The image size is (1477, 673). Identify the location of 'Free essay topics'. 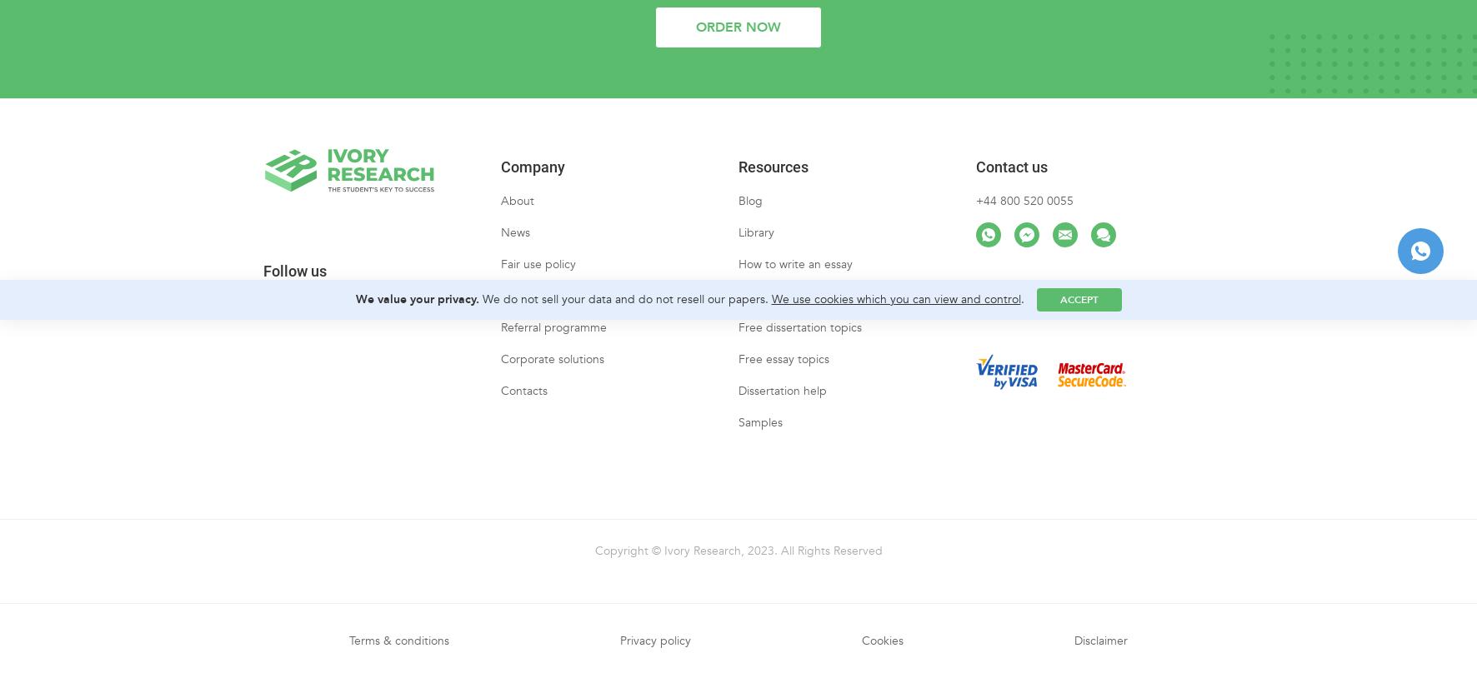
(783, 374).